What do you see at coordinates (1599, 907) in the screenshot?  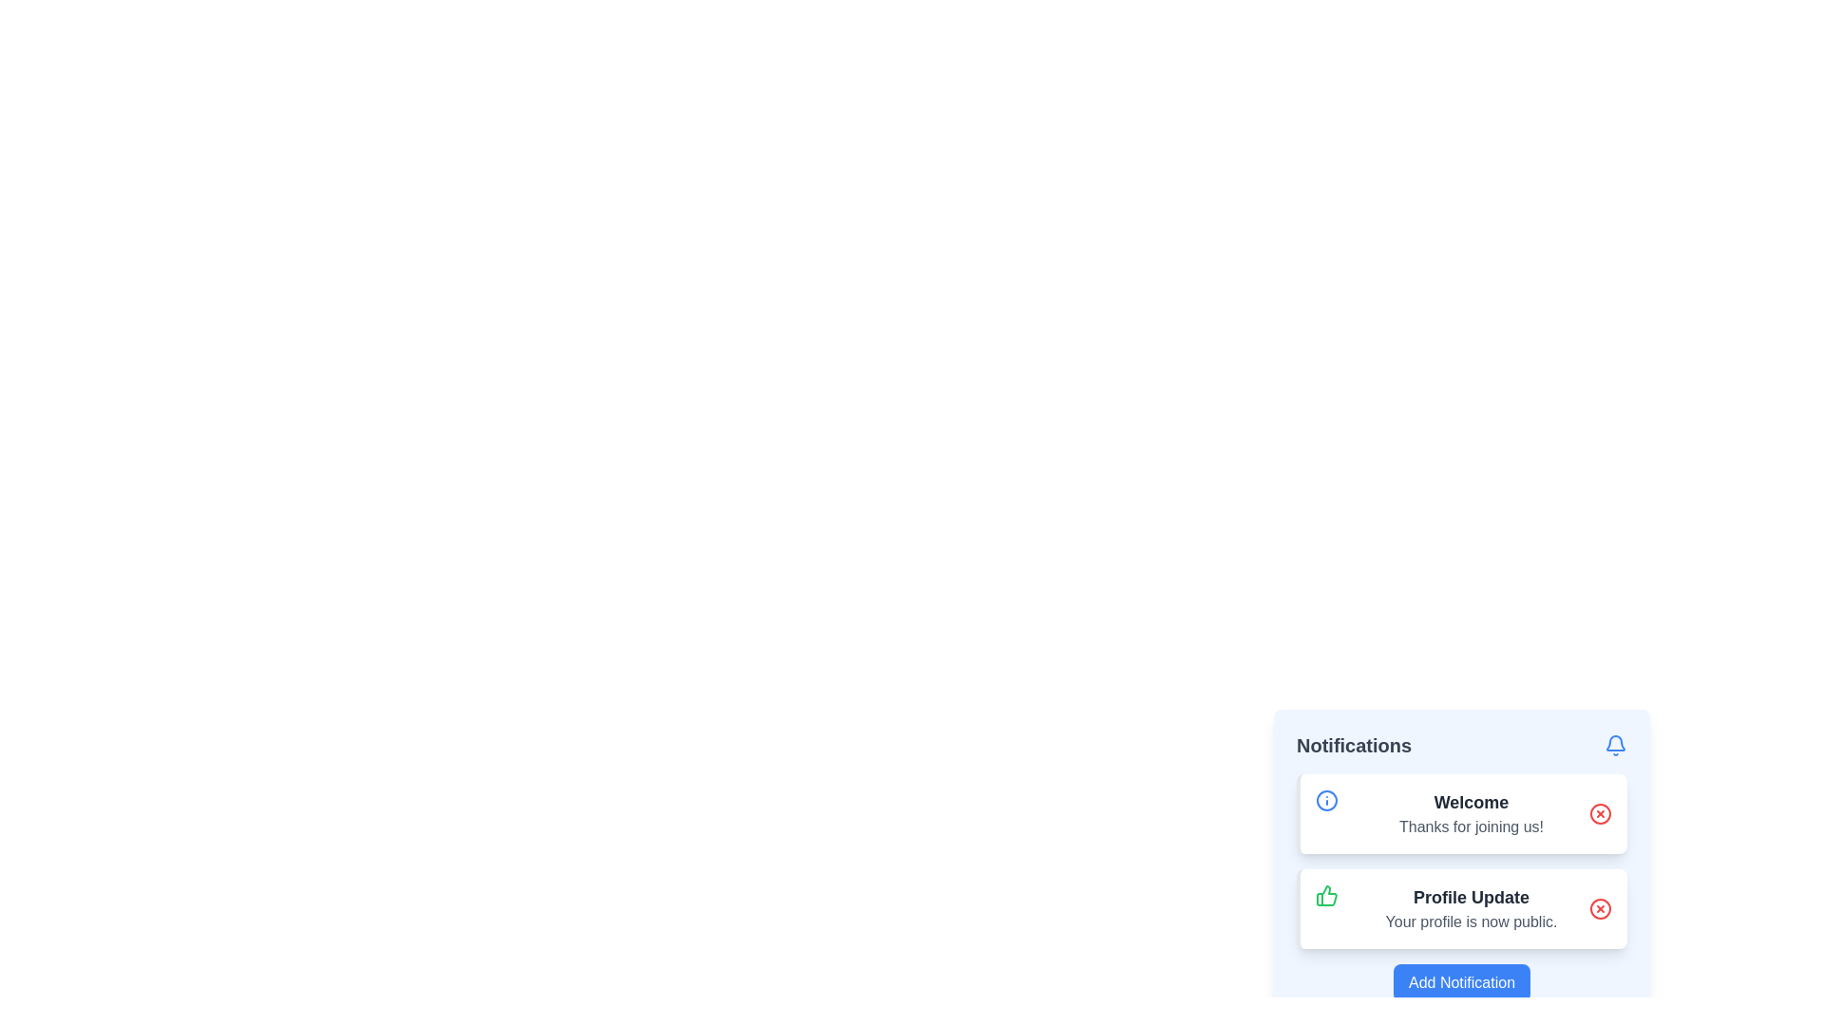 I see `the red circular dismiss button with an 'X' symbol located at the top-right corner of the 'Profile Update' notification` at bounding box center [1599, 907].